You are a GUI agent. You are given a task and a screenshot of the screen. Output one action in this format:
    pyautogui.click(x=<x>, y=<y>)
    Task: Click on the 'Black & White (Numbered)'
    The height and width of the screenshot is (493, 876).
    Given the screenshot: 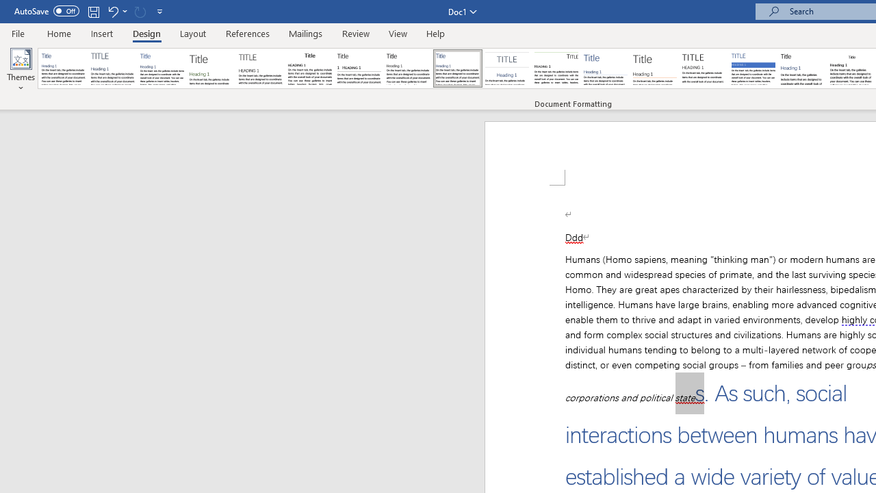 What is the action you would take?
    pyautogui.click(x=359, y=68)
    